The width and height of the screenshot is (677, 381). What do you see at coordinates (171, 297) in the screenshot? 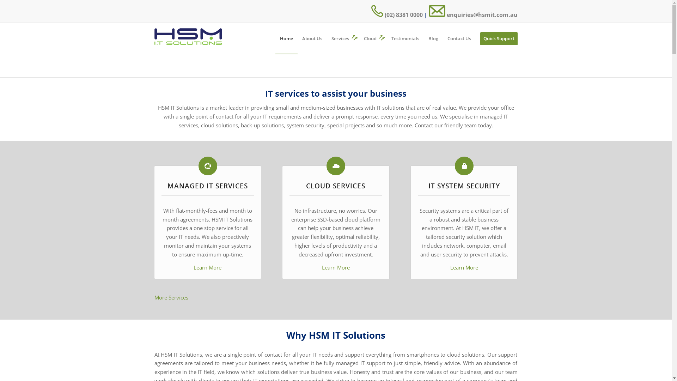
I see `'More Services'` at bounding box center [171, 297].